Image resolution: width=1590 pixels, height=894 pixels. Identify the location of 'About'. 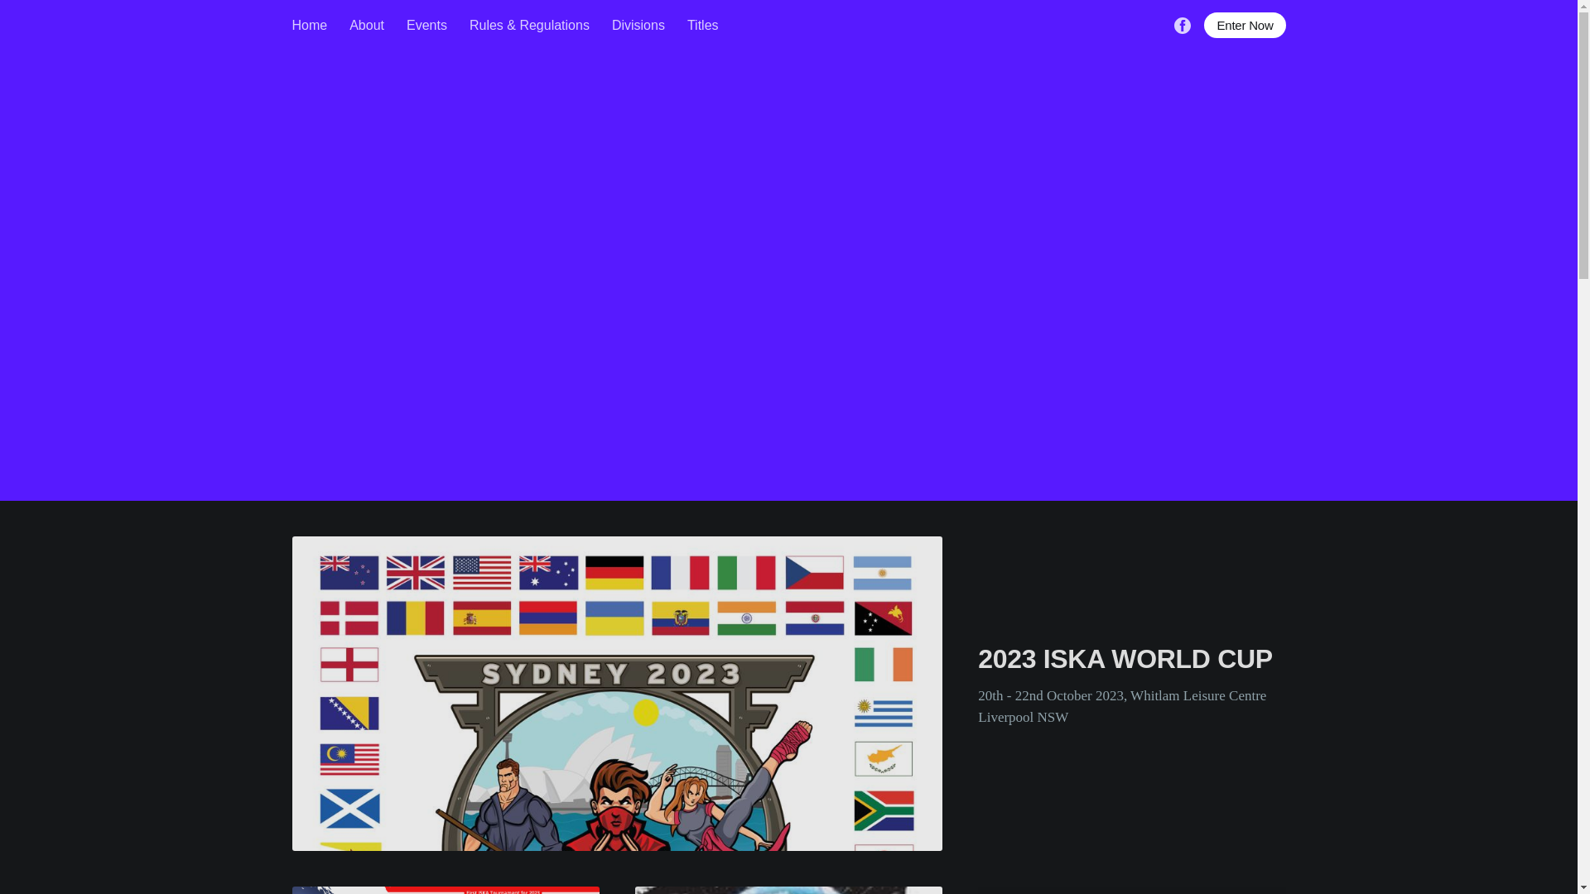
(349, 25).